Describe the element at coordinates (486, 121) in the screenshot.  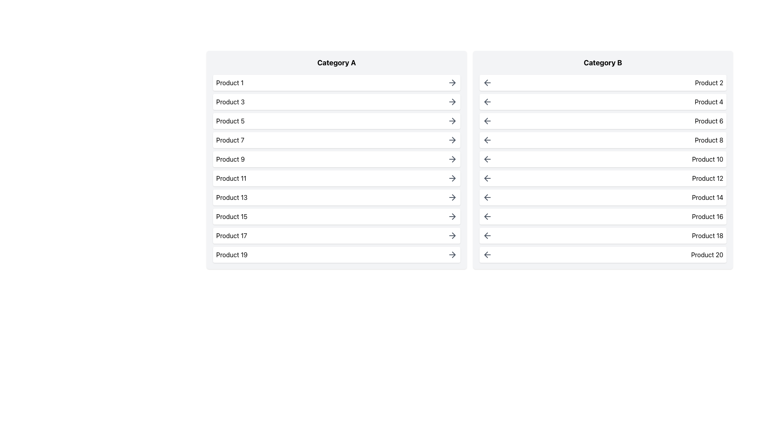
I see `the left-pointing arrow icon in the second column under 'Category B' associated with 'Product 6' to indicate a navigational function` at that location.